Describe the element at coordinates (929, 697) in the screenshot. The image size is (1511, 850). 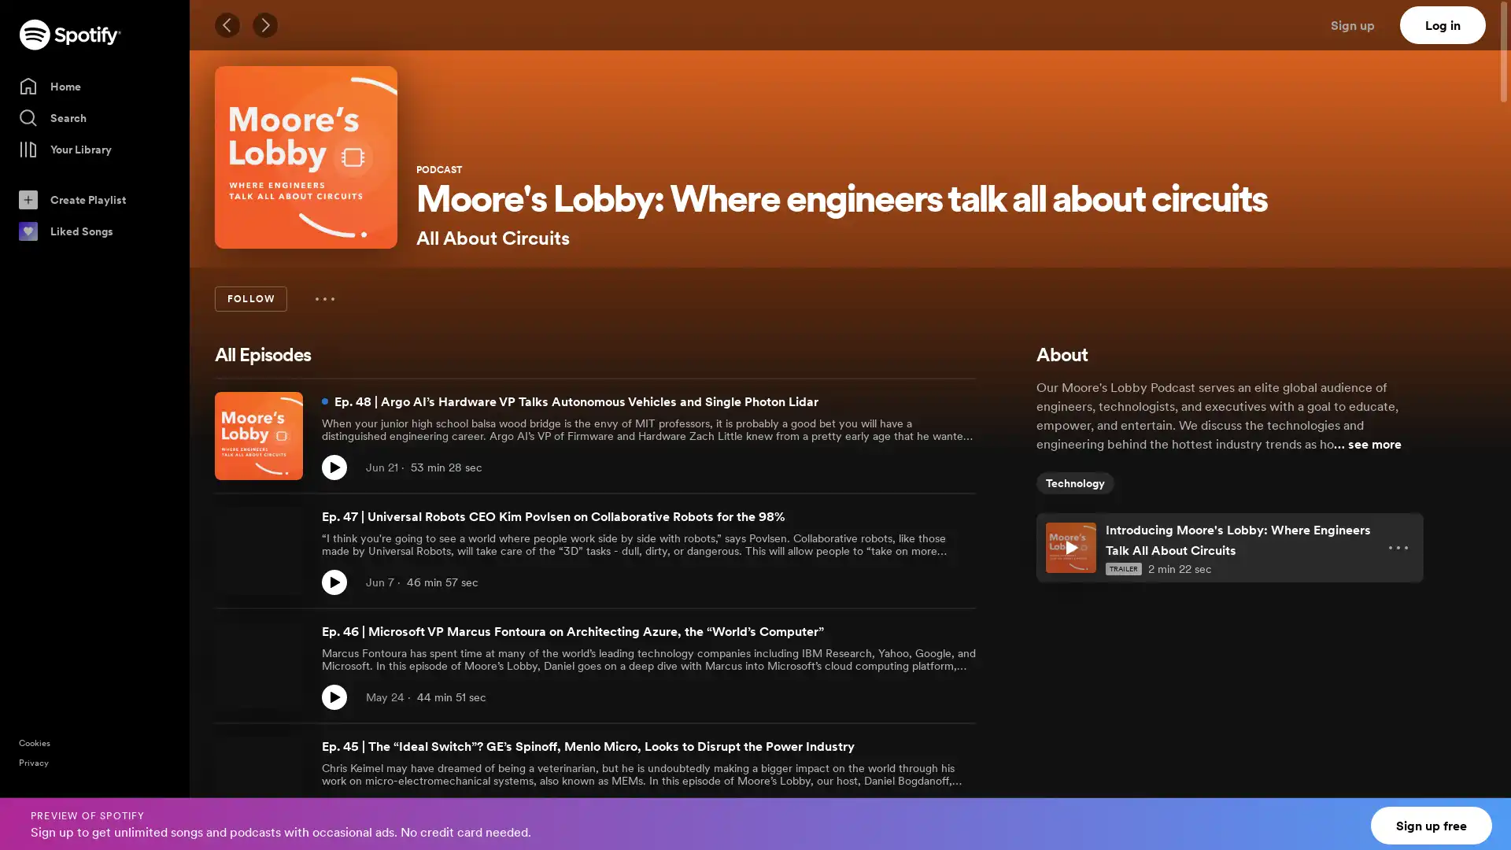
I see `Share` at that location.